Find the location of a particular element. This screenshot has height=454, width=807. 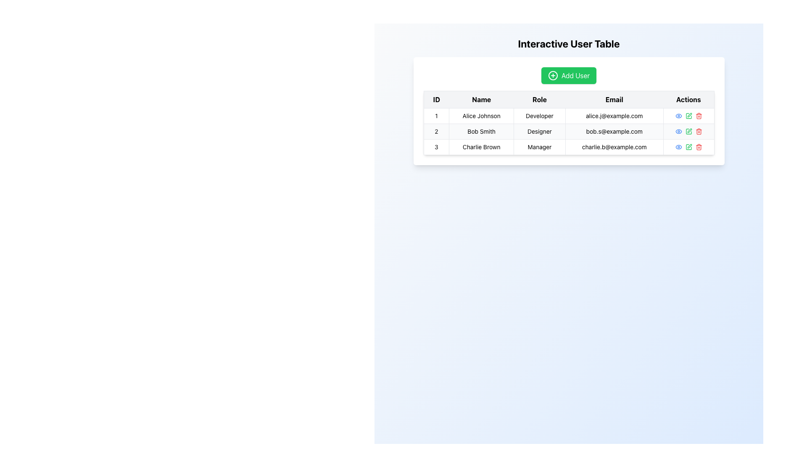

the text label displaying 'Bob Smith' located in the second column of the second row of the table is located at coordinates (481, 131).